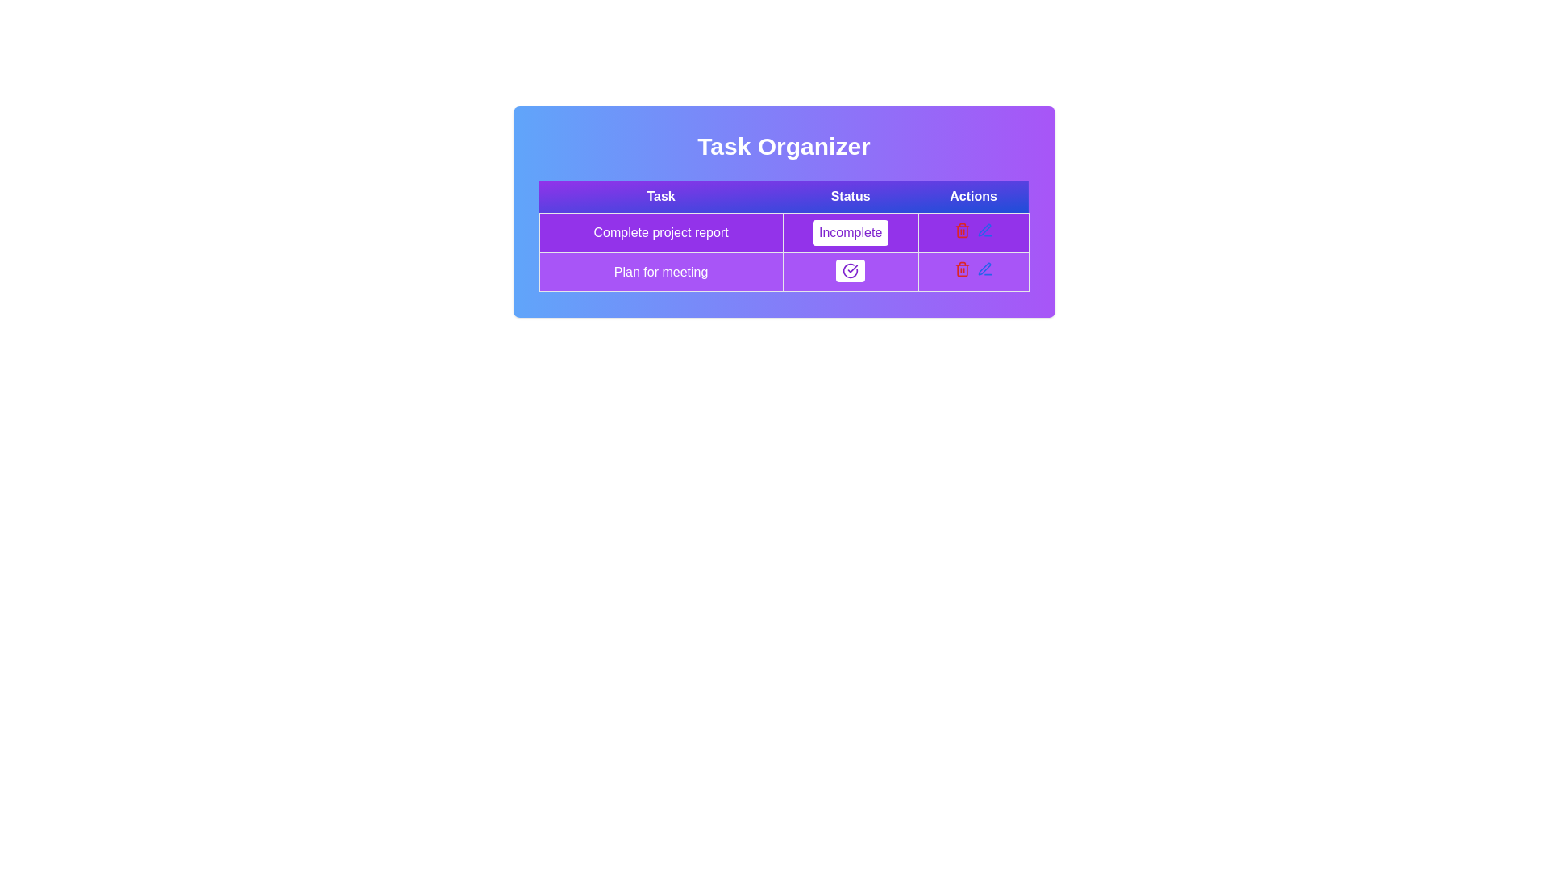 The image size is (1548, 871). Describe the element at coordinates (984, 269) in the screenshot. I see `the edit button located in the 'Actions' column of the table for the 'Complete project report' task` at that location.